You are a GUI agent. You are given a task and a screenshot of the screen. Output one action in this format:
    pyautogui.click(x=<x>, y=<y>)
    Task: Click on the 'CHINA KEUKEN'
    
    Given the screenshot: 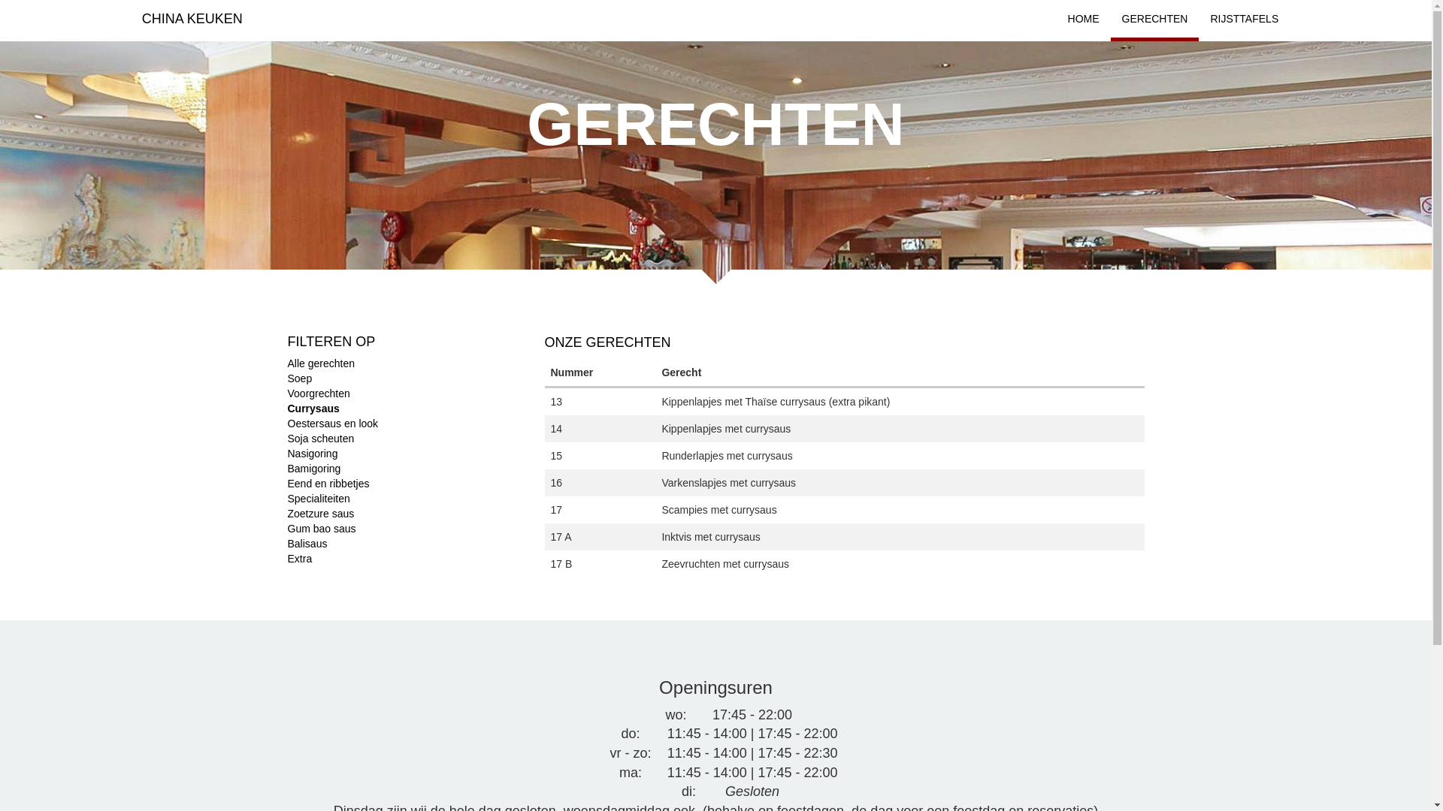 What is the action you would take?
    pyautogui.click(x=191, y=18)
    